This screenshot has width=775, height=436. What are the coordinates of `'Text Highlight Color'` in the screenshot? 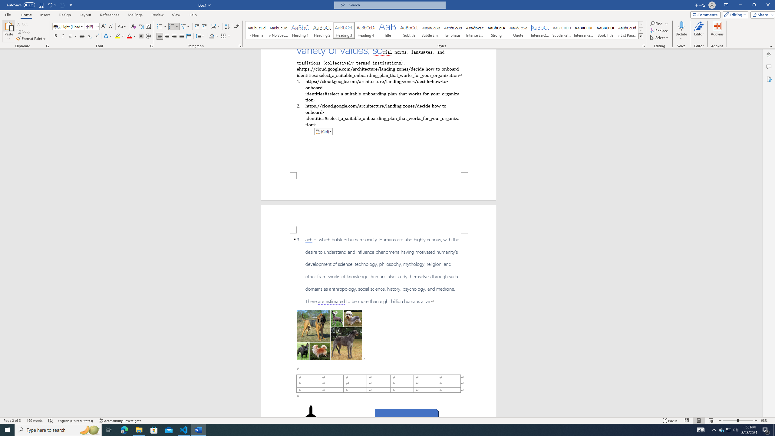 It's located at (120, 36).